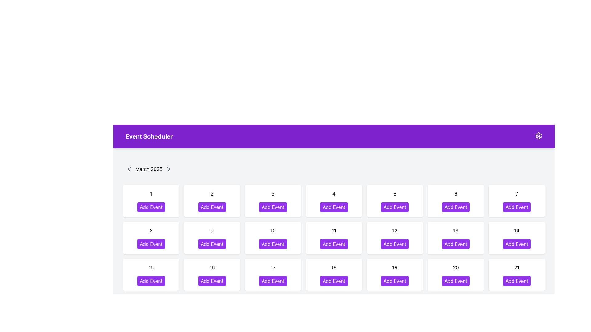 The height and width of the screenshot is (332, 591). Describe the element at coordinates (168, 169) in the screenshot. I see `the chevron icon located to the right of the 'March 2025' label in the header section` at that location.